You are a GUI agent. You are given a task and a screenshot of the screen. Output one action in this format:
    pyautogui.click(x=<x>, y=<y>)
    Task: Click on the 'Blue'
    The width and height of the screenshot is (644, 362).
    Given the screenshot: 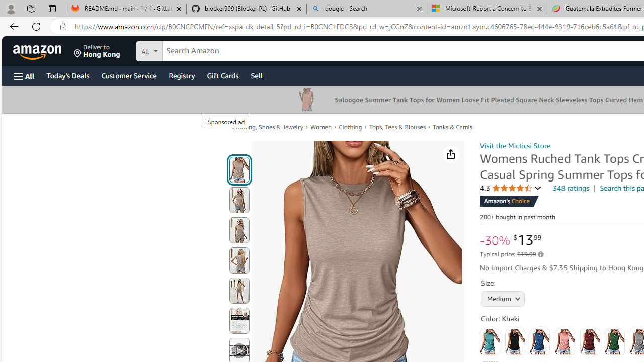 What is the action you would take?
    pyautogui.click(x=539, y=341)
    